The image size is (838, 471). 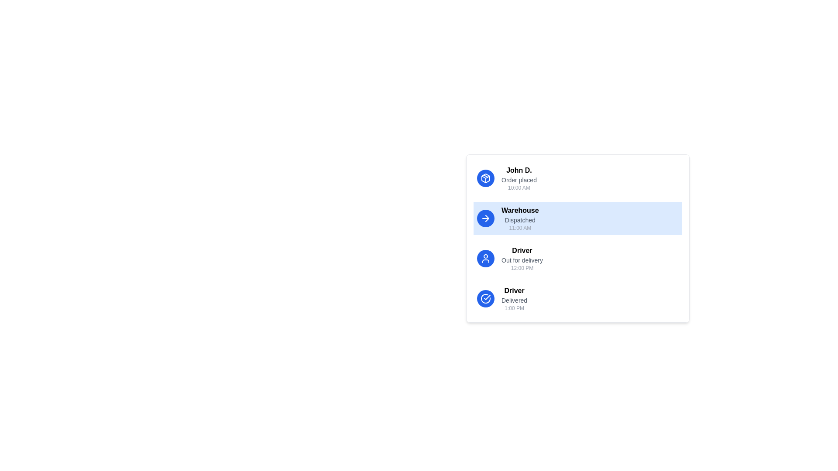 What do you see at coordinates (520, 228) in the screenshot?
I see `the timestamp text label indicating the 'Dispatched' status of the 'Warehouse' event, which is located in the lower portion of the highlighted card labeled 'Warehouse'` at bounding box center [520, 228].